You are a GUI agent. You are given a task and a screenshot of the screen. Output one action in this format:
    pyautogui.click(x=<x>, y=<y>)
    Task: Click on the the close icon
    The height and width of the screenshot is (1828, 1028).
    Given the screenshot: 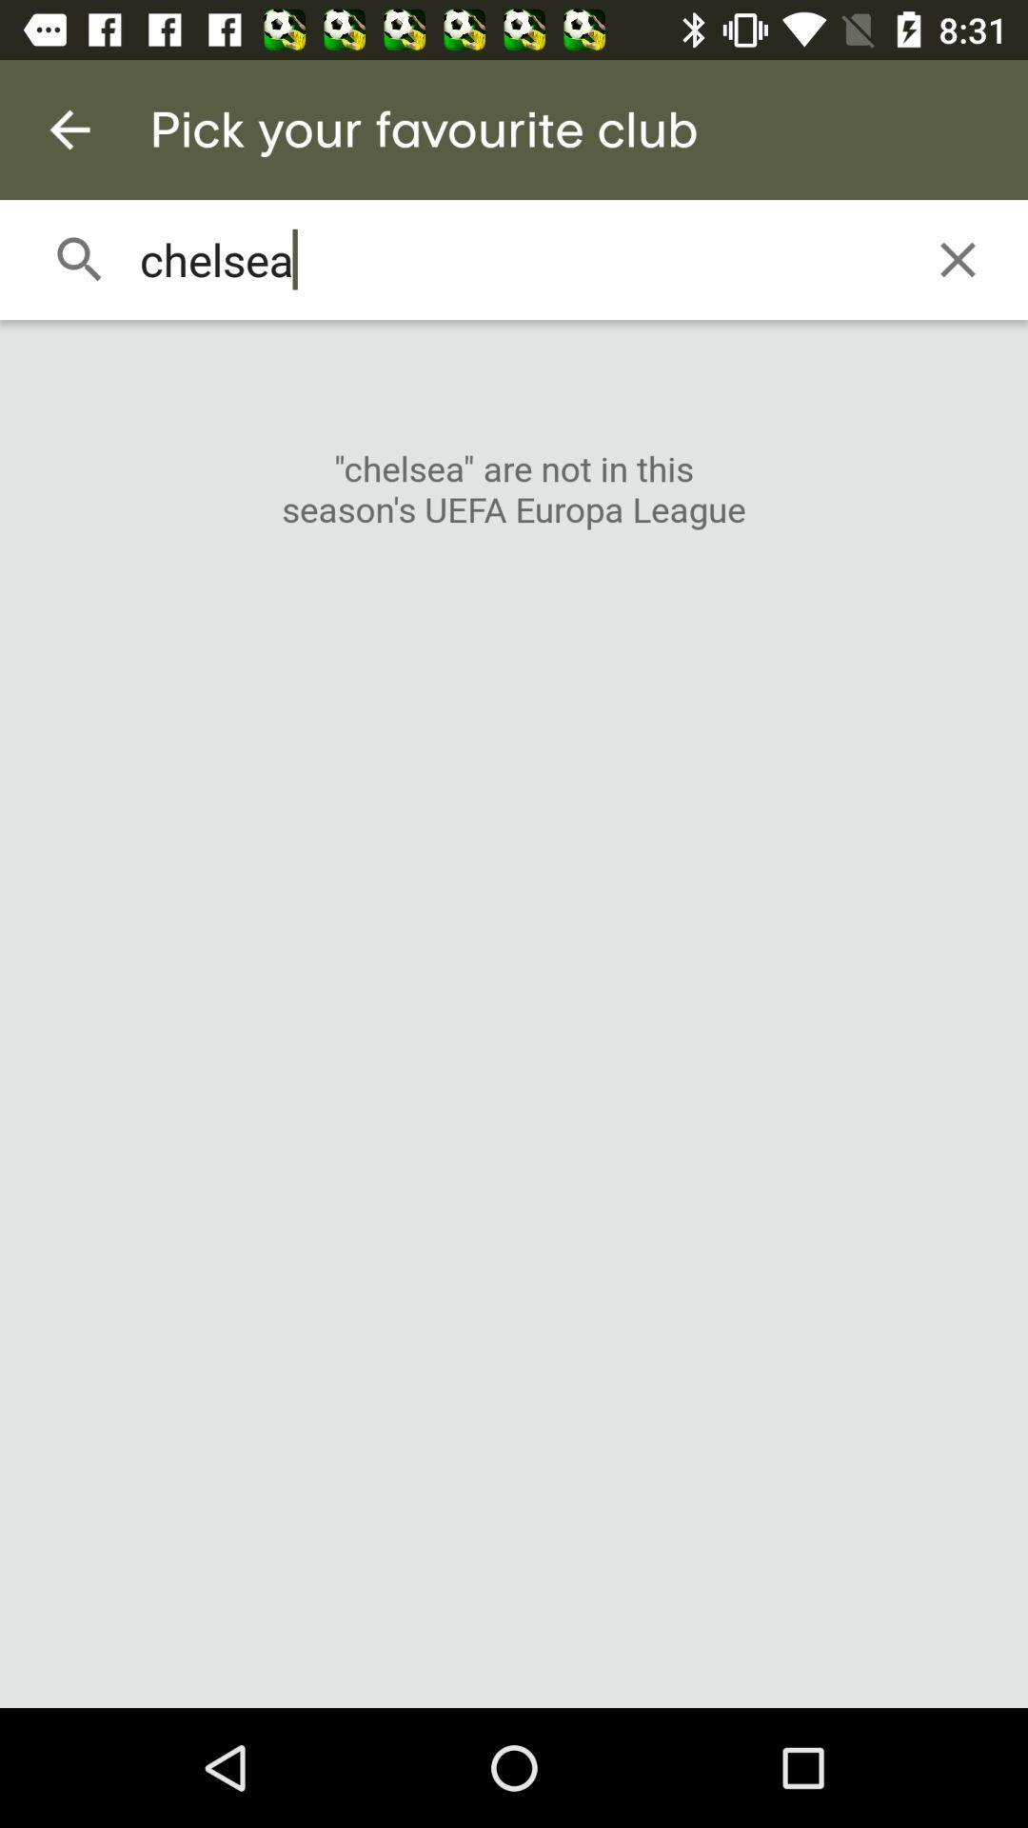 What is the action you would take?
    pyautogui.click(x=958, y=259)
    